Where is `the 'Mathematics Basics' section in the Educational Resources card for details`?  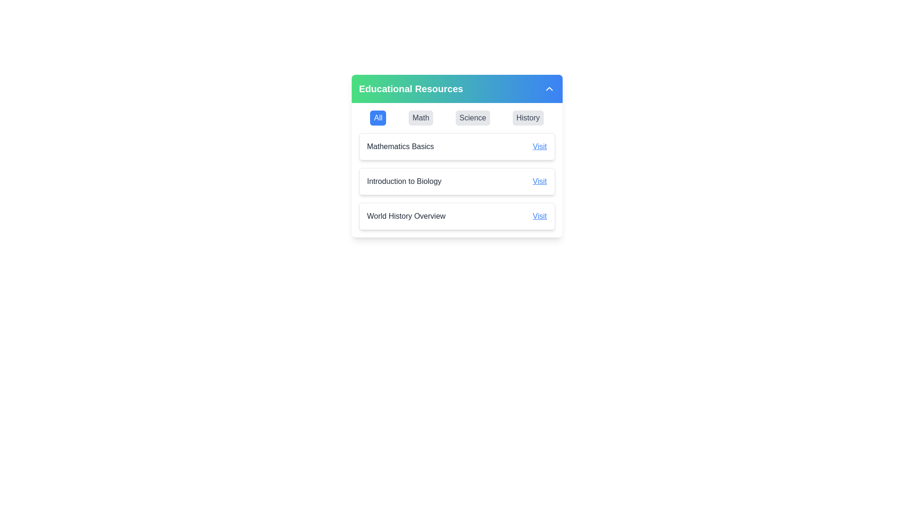
the 'Mathematics Basics' section in the Educational Resources card for details is located at coordinates (457, 155).